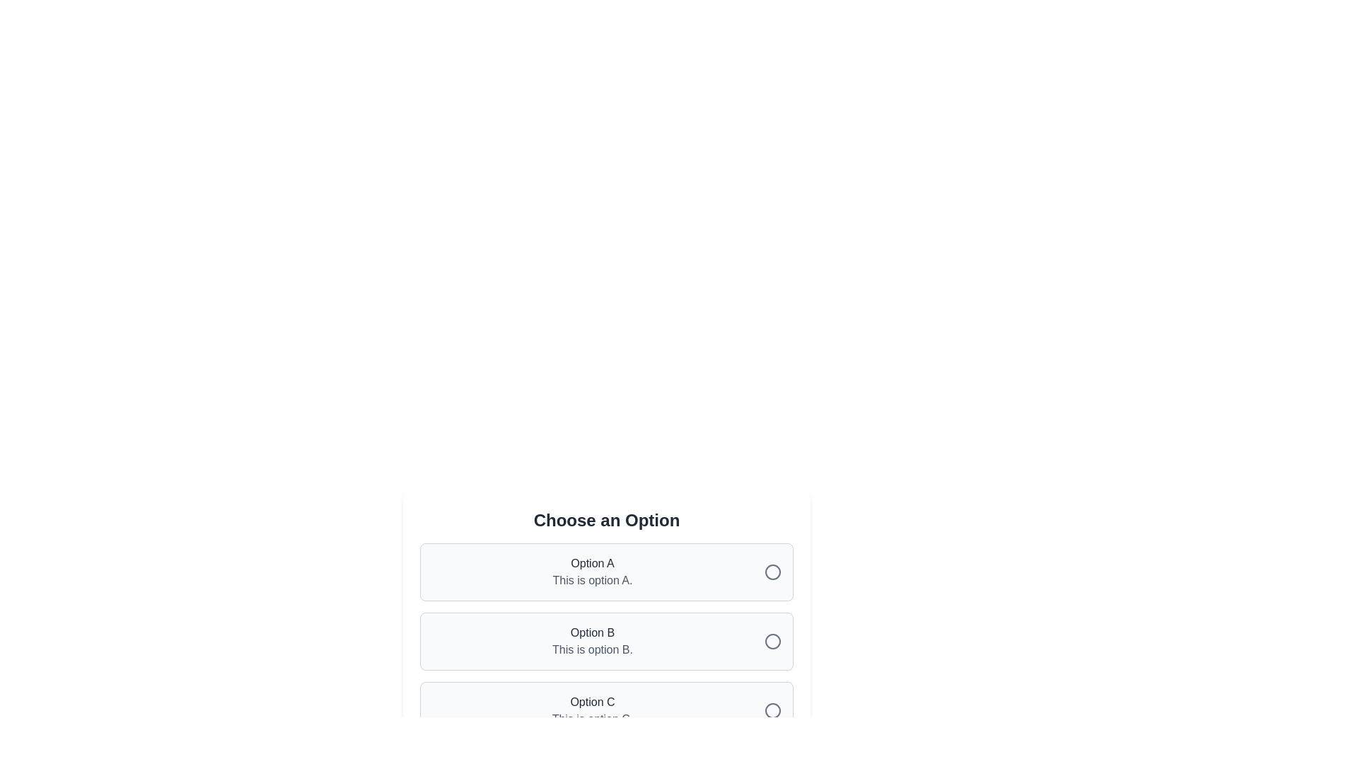 Image resolution: width=1358 pixels, height=764 pixels. Describe the element at coordinates (772, 641) in the screenshot. I see `the decorative SVG circle element that indicates the second option (option B) in the vertical list` at that location.